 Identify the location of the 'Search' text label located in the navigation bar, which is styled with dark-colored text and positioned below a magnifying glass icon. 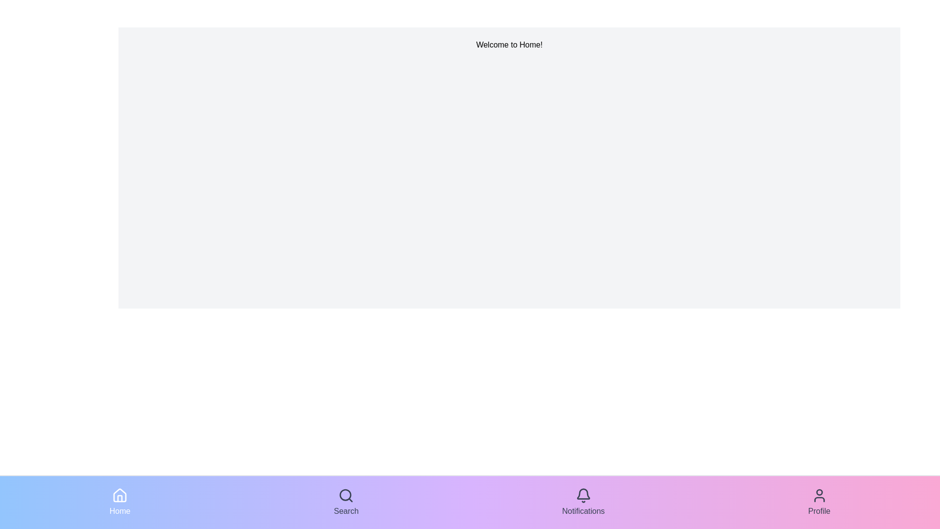
(346, 511).